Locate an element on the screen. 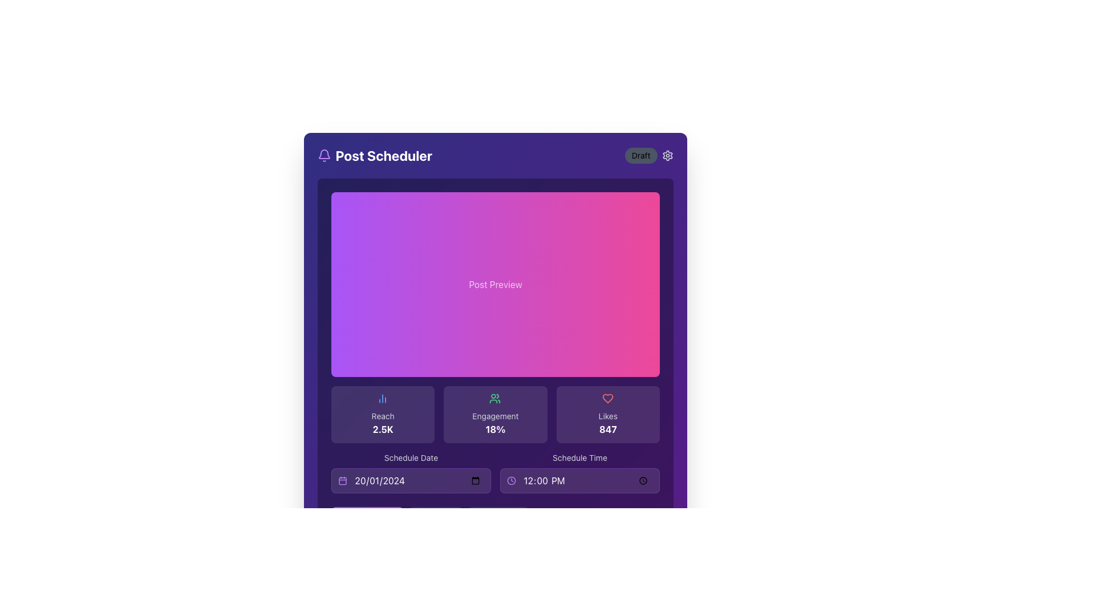 This screenshot has height=616, width=1095. the green user figures icon above the 'Engagement' text and '18%' percentage in the second card from the left in the bottom row of the interface is located at coordinates (495, 398).